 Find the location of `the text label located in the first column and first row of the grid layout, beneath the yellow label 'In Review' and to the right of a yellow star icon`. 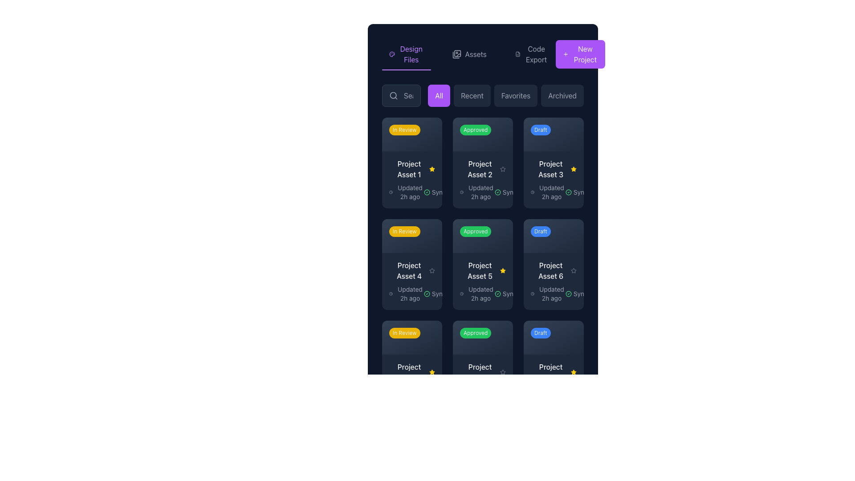

the text label located in the first column and first row of the grid layout, beneath the yellow label 'In Review' and to the right of a yellow star icon is located at coordinates (408, 169).